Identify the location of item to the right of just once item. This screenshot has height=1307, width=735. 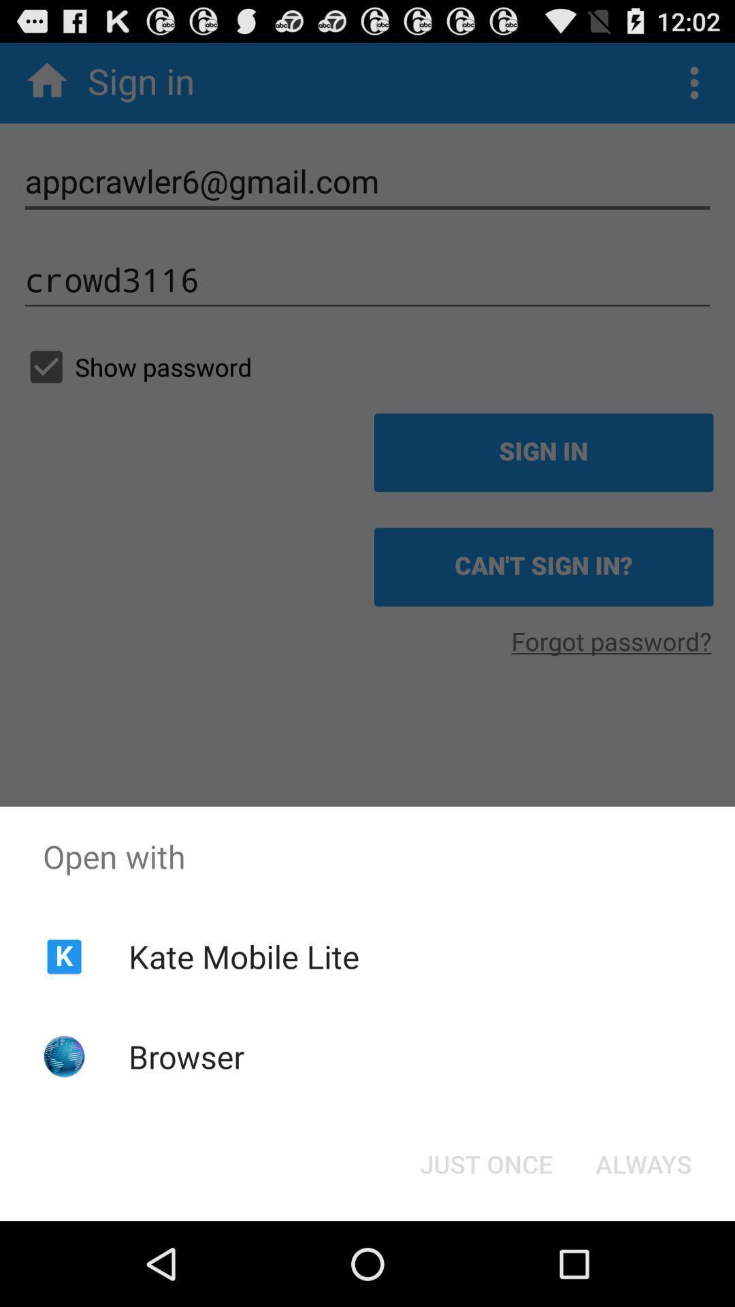
(643, 1163).